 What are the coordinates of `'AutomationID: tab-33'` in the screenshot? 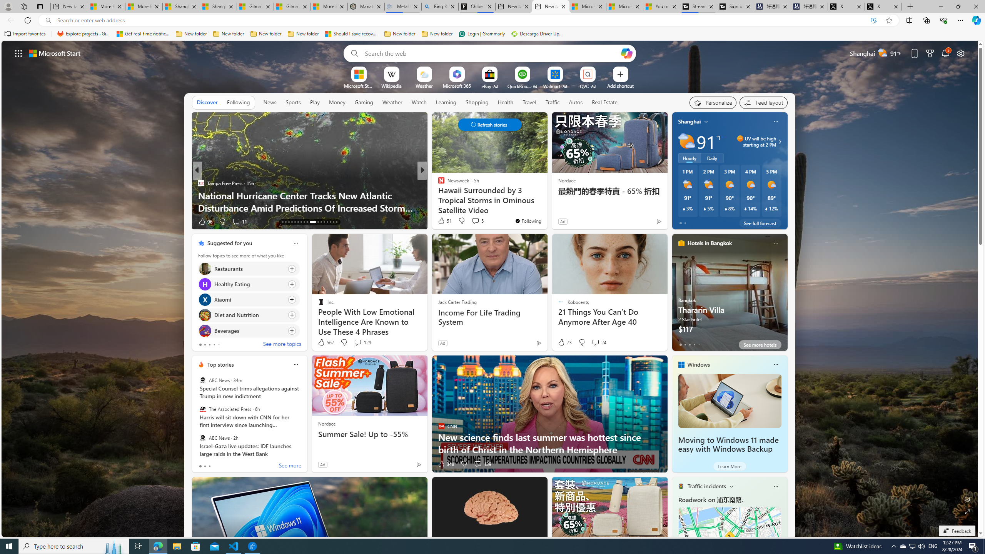 It's located at (336, 222).